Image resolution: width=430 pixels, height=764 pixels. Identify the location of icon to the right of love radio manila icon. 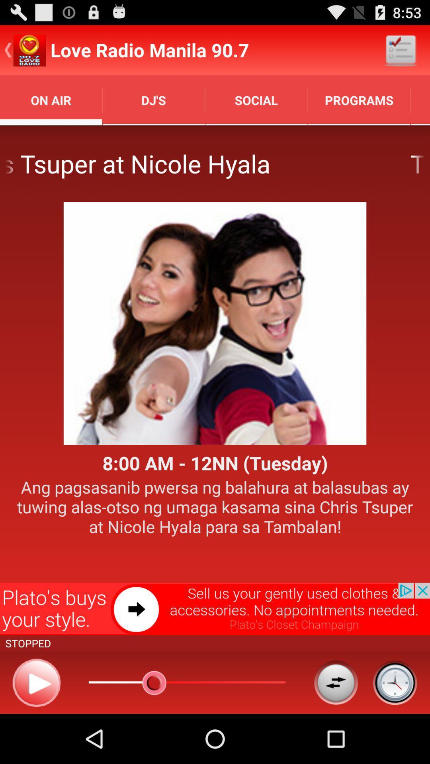
(401, 49).